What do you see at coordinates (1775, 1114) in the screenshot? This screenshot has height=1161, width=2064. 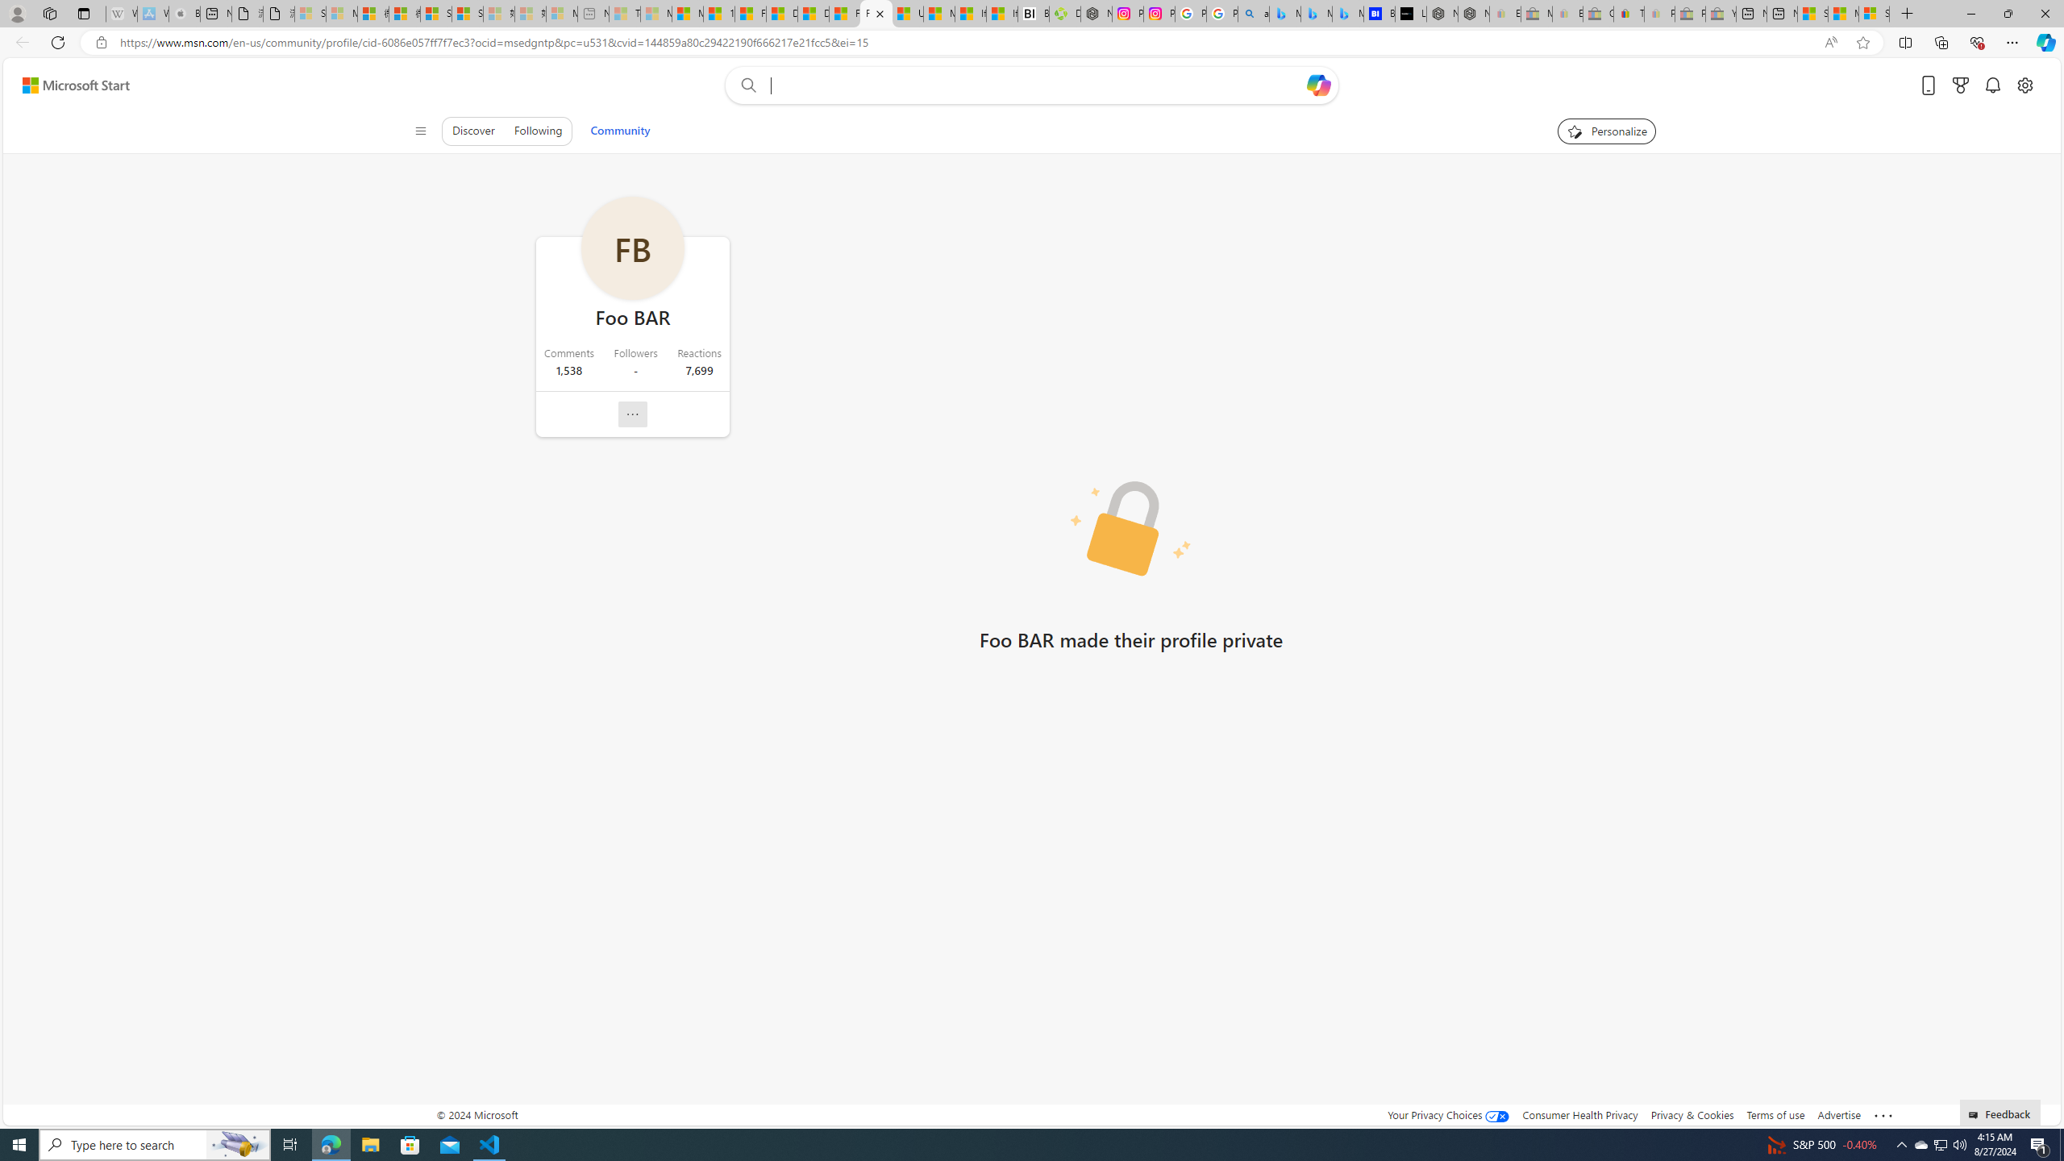 I see `'Terms of use'` at bounding box center [1775, 1114].